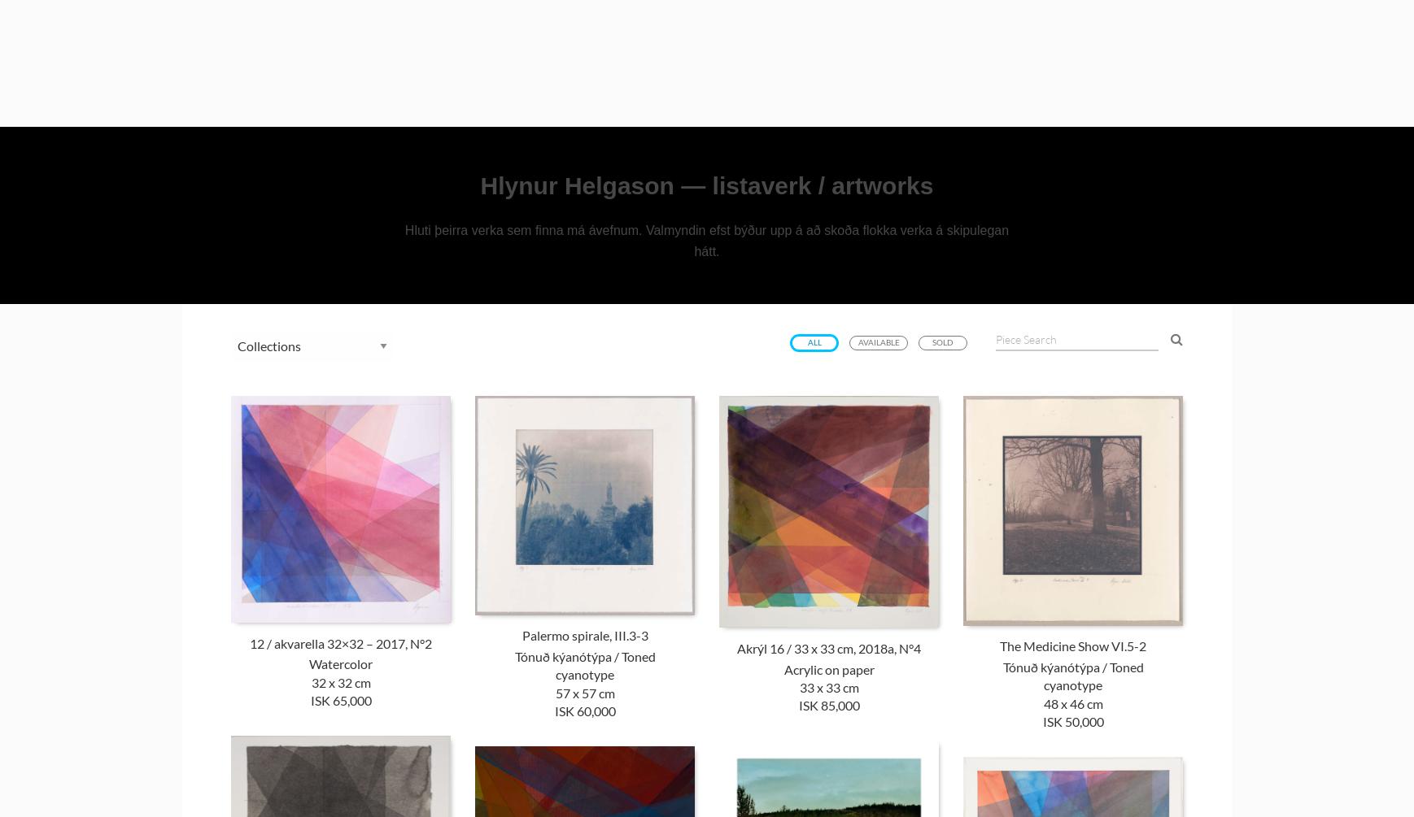  What do you see at coordinates (776, 236) in the screenshot?
I see `'Vatnslitur / Aquarelle'` at bounding box center [776, 236].